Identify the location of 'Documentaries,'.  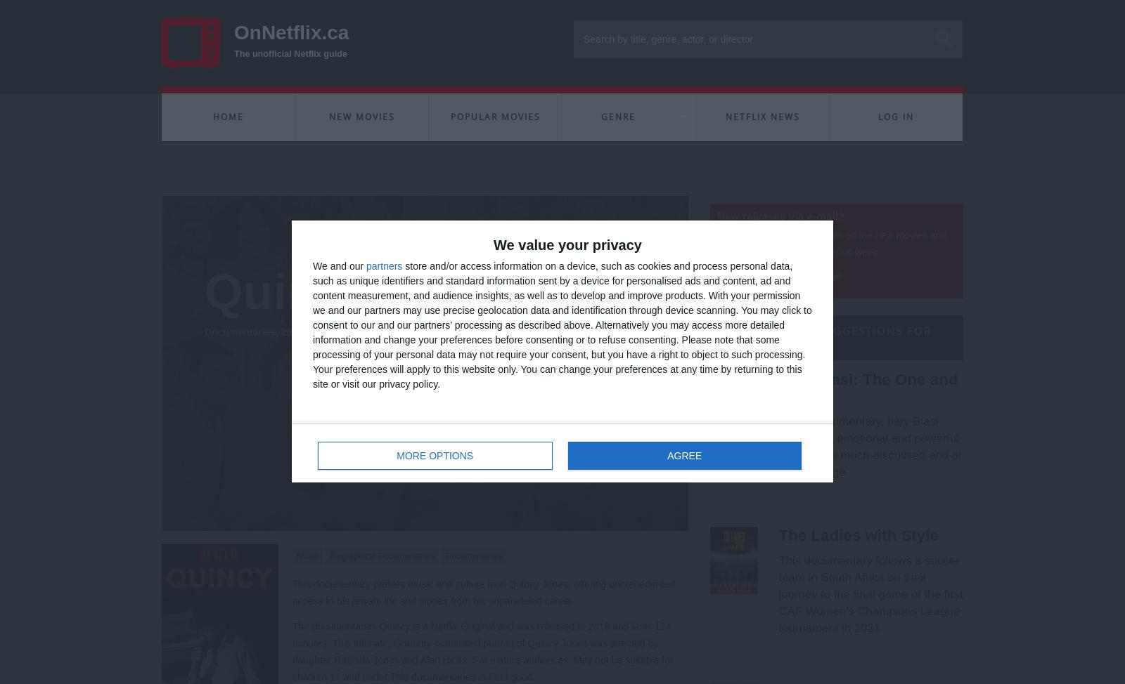
(242, 331).